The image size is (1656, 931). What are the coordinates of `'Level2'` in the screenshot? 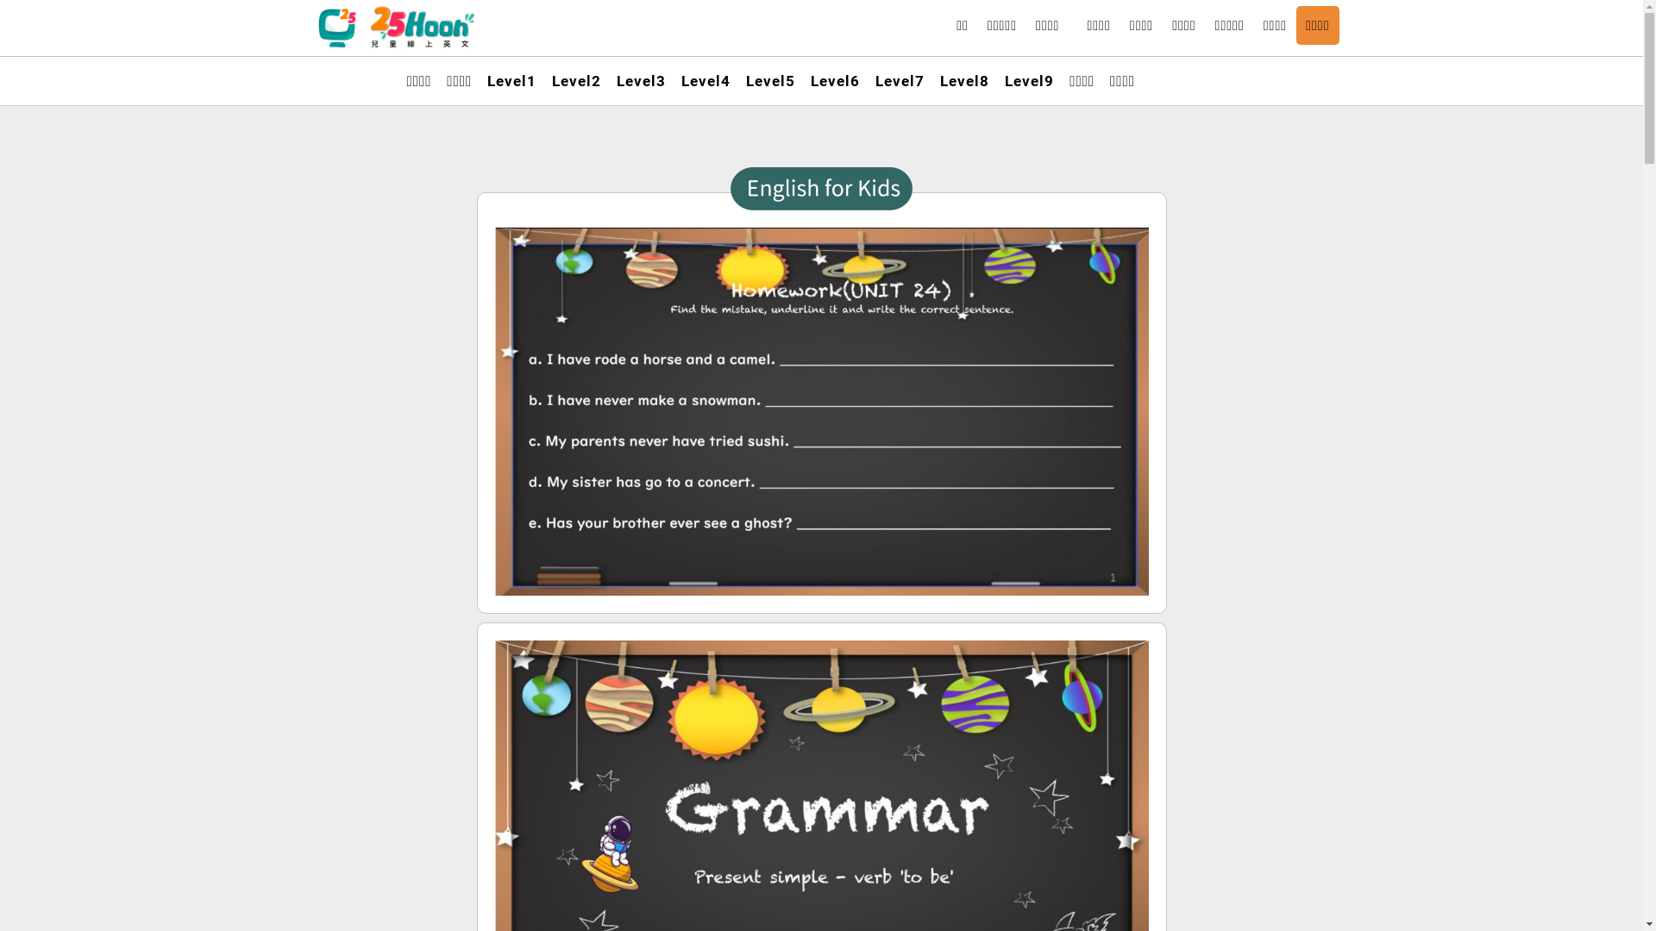 It's located at (543, 80).